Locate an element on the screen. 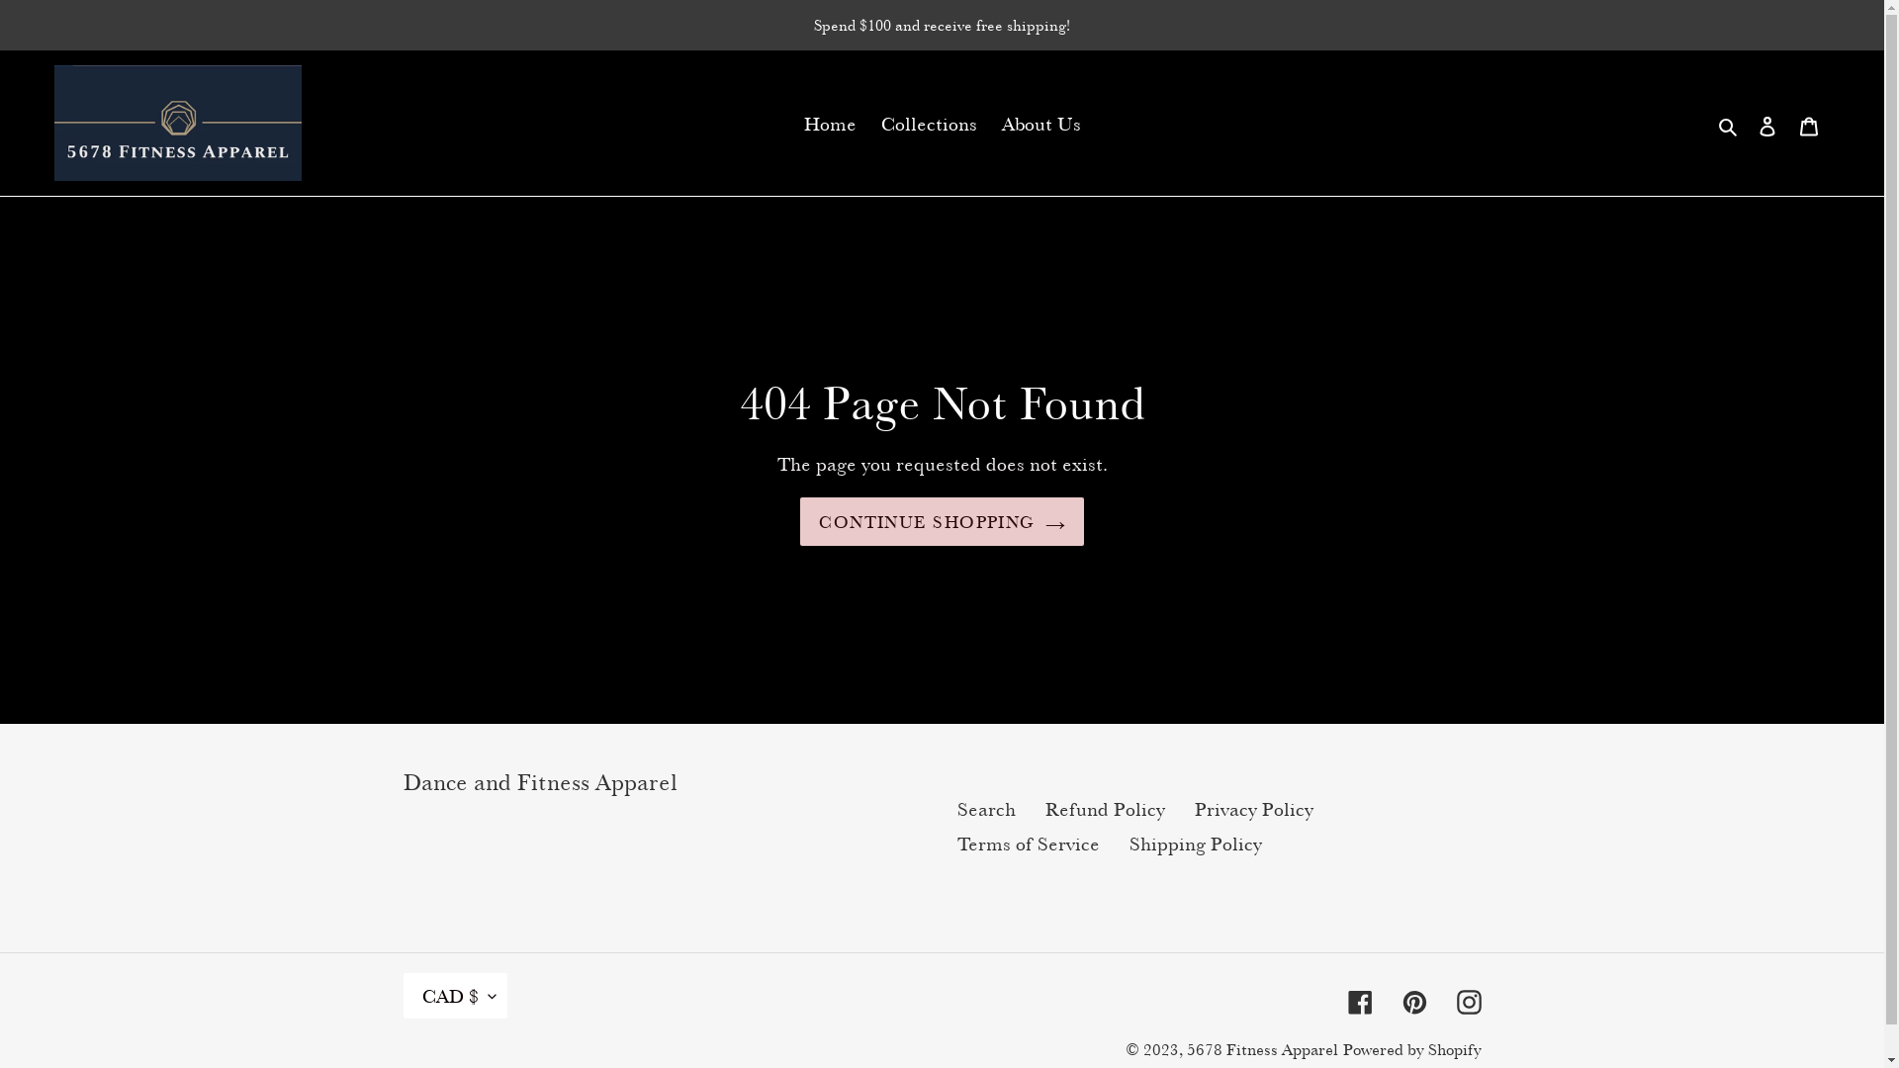  'Terms of Service' is located at coordinates (1029, 844).